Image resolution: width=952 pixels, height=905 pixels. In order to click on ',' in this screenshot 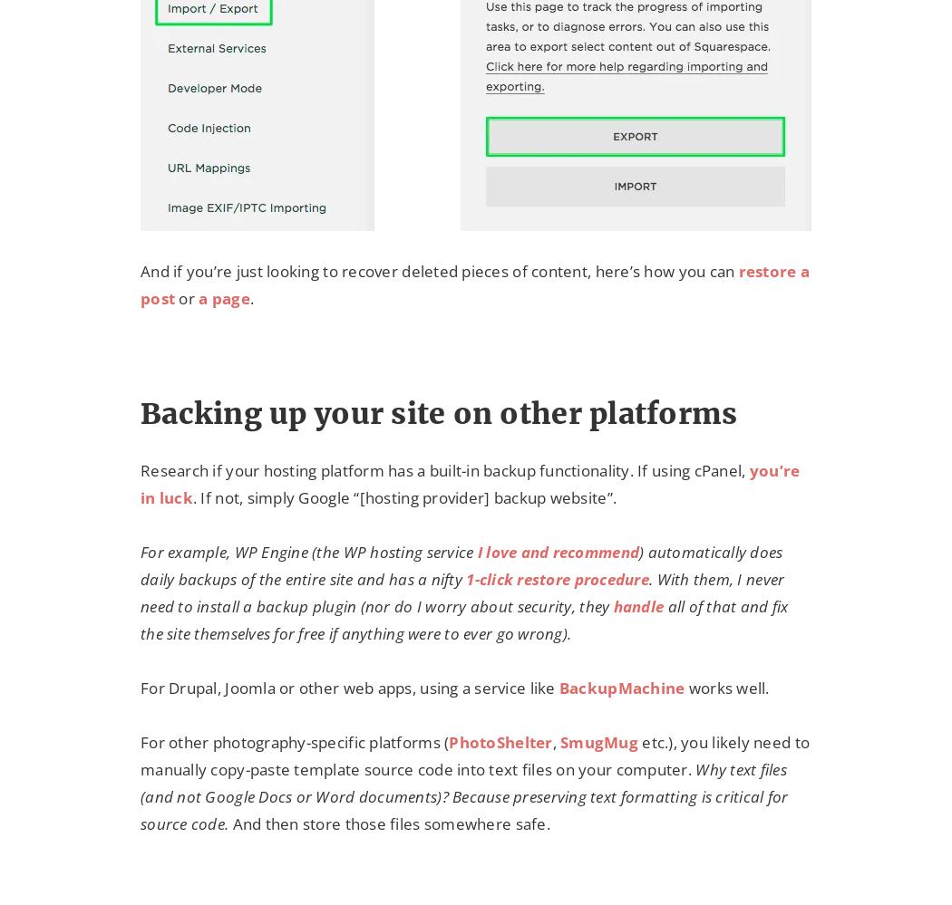, I will do `click(556, 742)`.